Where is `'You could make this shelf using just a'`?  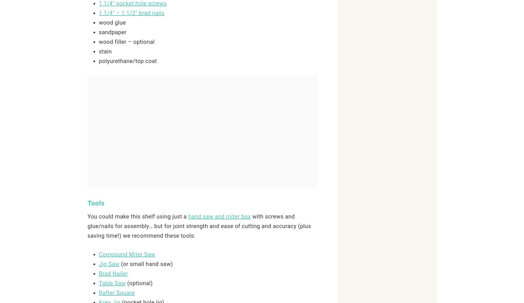
'You could make this shelf using just a' is located at coordinates (138, 217).